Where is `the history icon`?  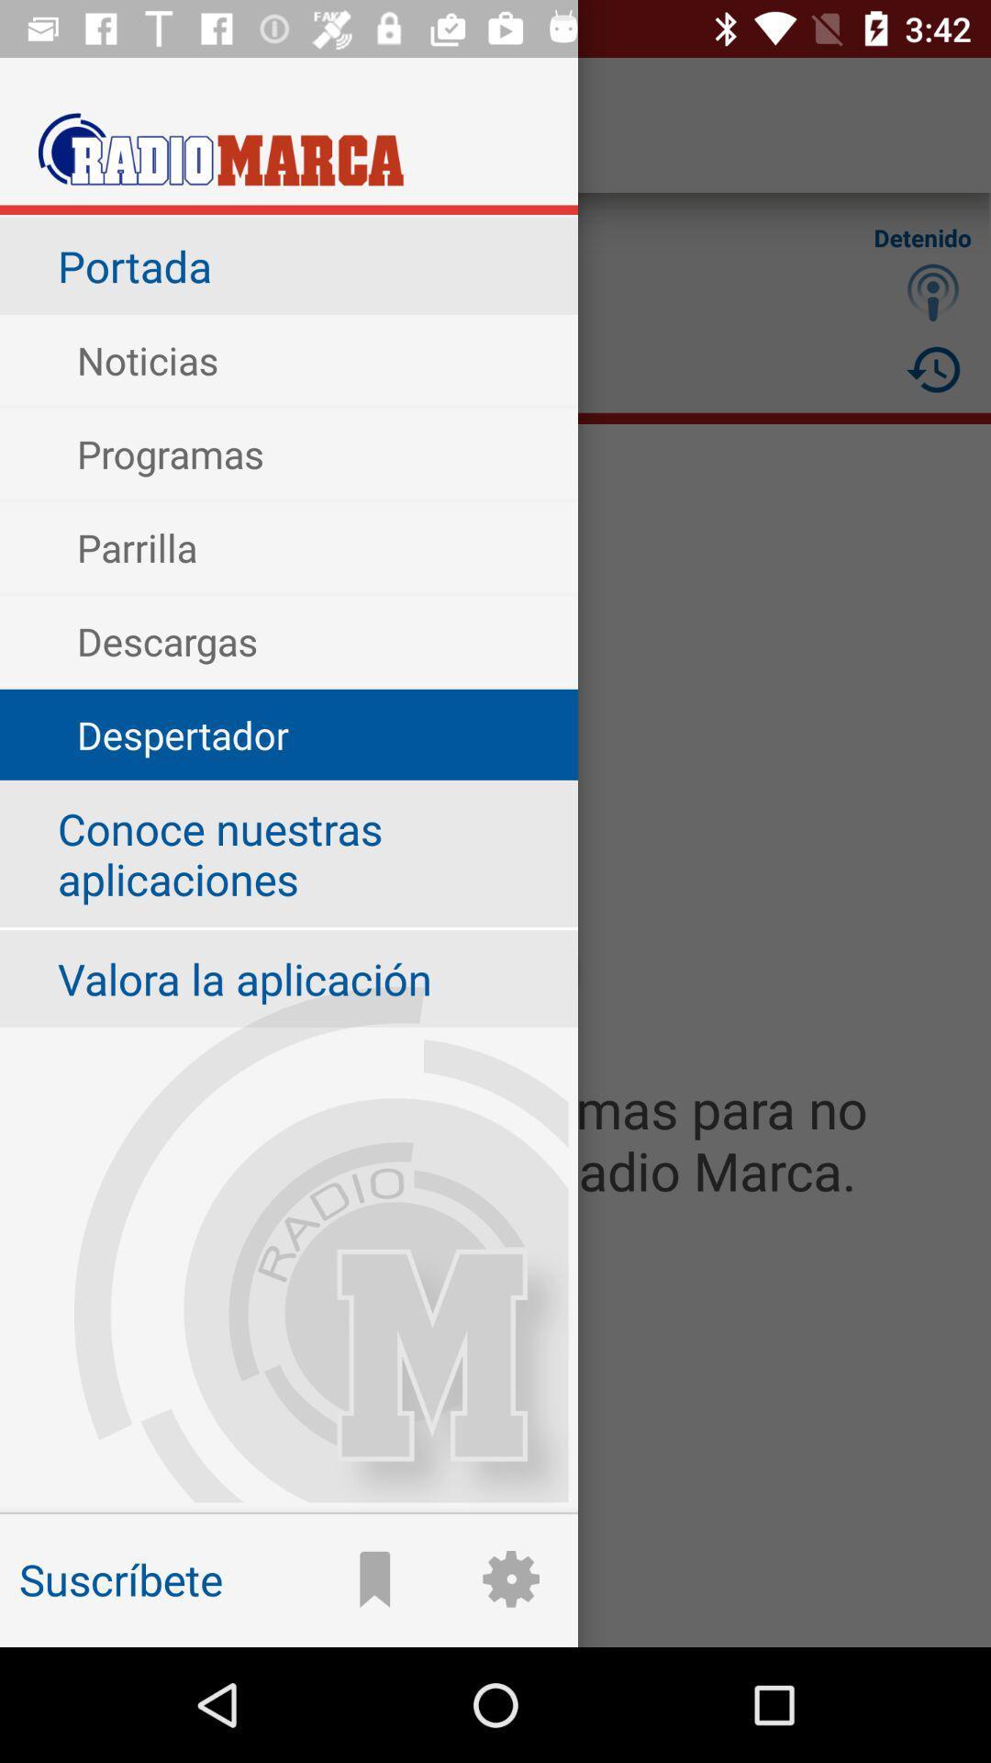
the history icon is located at coordinates (933, 368).